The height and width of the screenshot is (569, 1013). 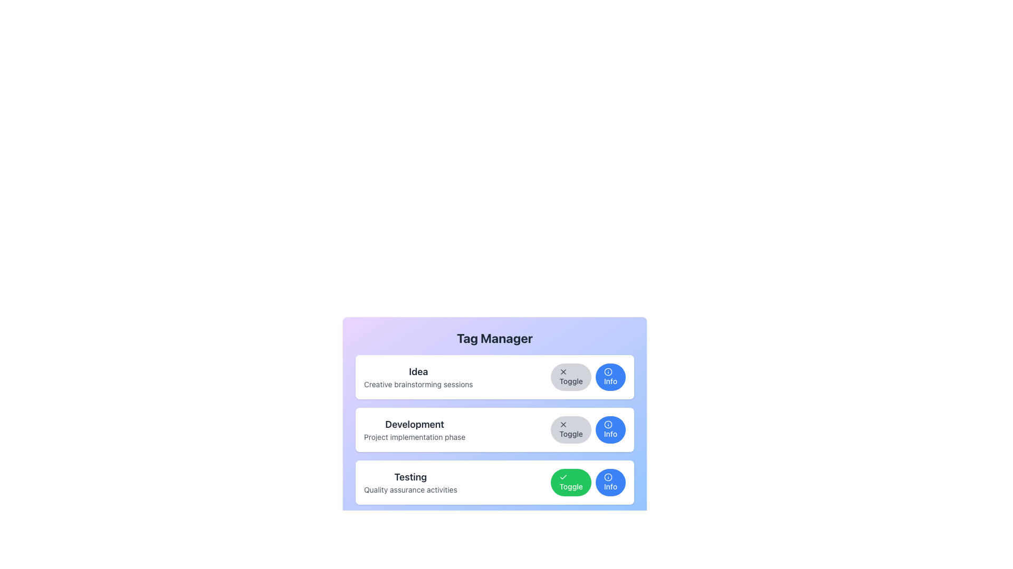 I want to click on the Information Icon located at the rightmost end of the first row under the 'Idea' label, so click(x=608, y=371).